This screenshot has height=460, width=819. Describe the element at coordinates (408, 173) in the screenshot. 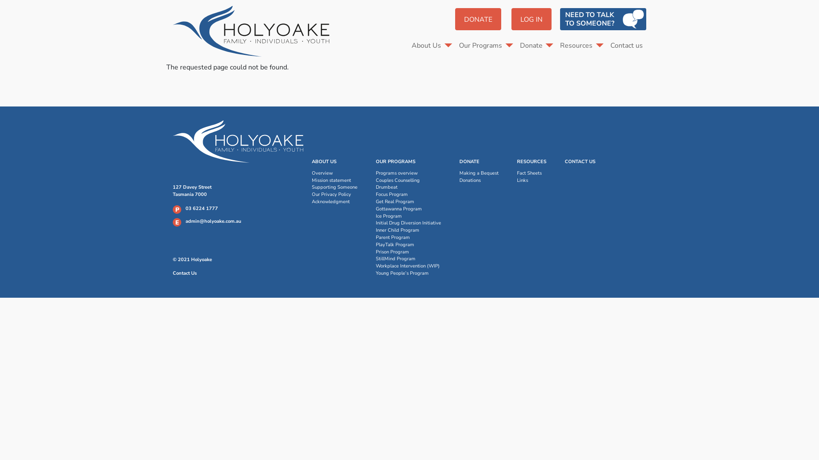

I see `'Programs overview'` at that location.